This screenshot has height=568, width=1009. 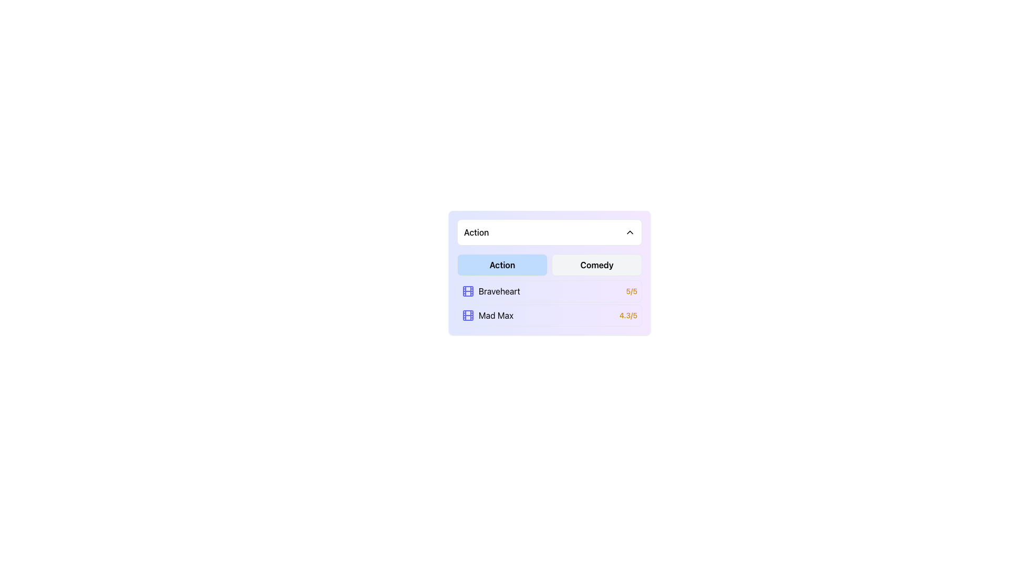 I want to click on the Chevron Up icon located on the rightmost section of the 'Action' button, so click(x=630, y=232).